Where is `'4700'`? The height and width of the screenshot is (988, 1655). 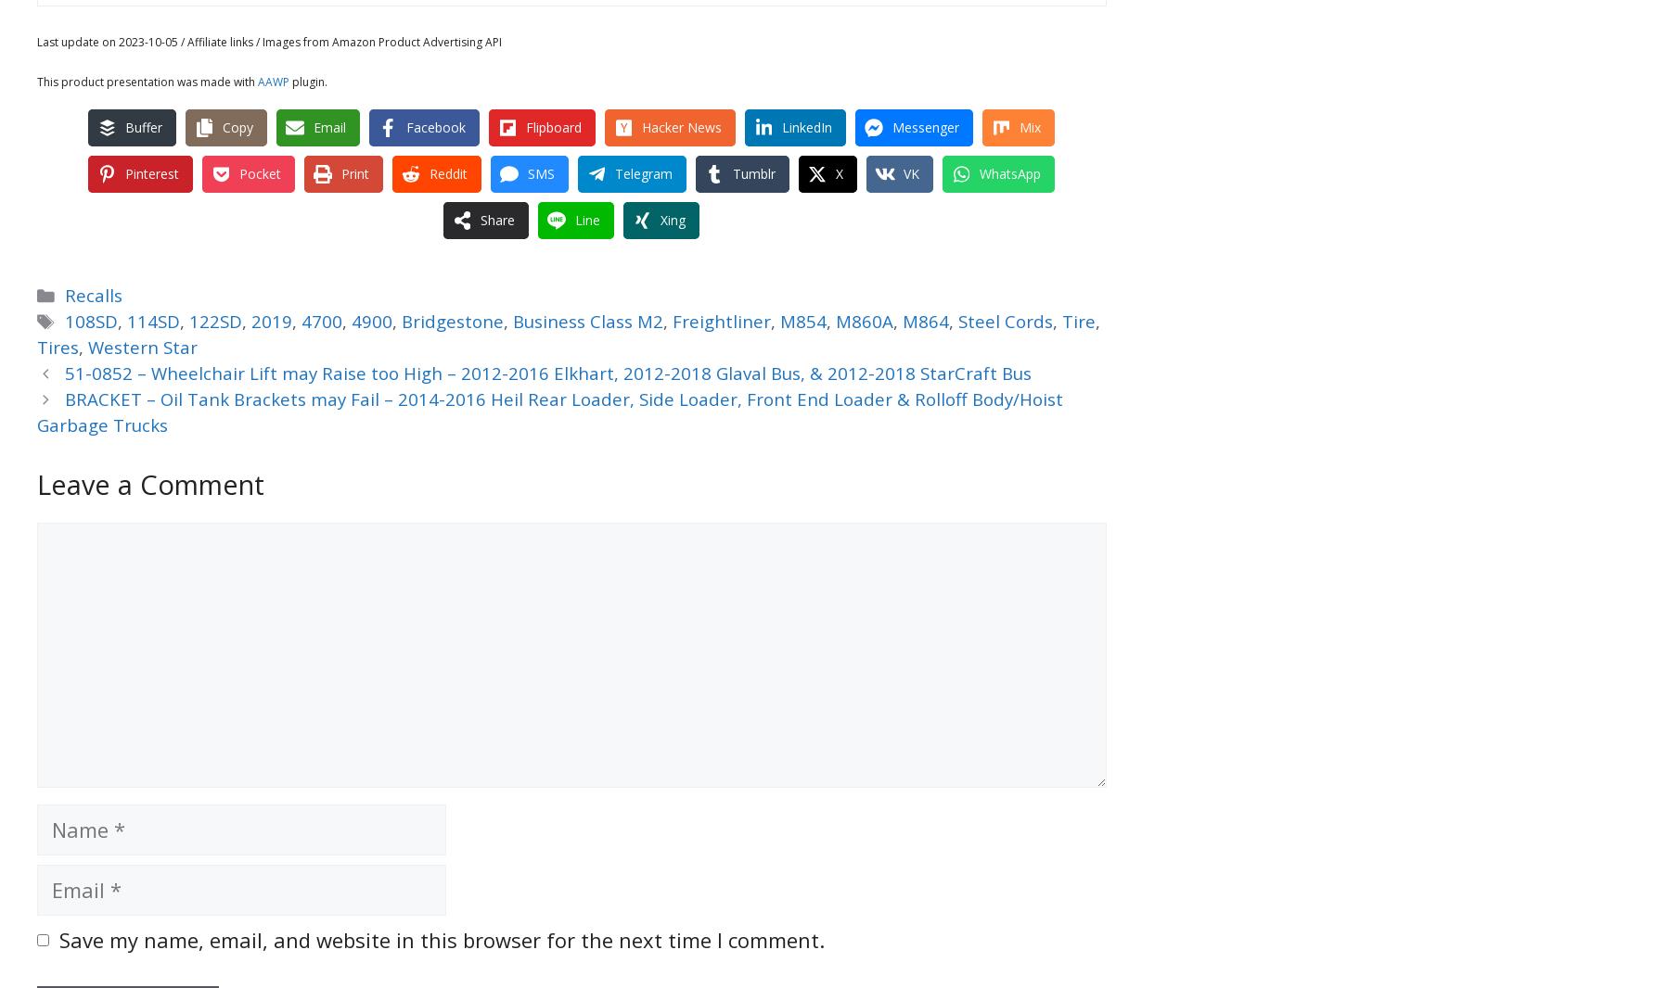
'4700' is located at coordinates (319, 321).